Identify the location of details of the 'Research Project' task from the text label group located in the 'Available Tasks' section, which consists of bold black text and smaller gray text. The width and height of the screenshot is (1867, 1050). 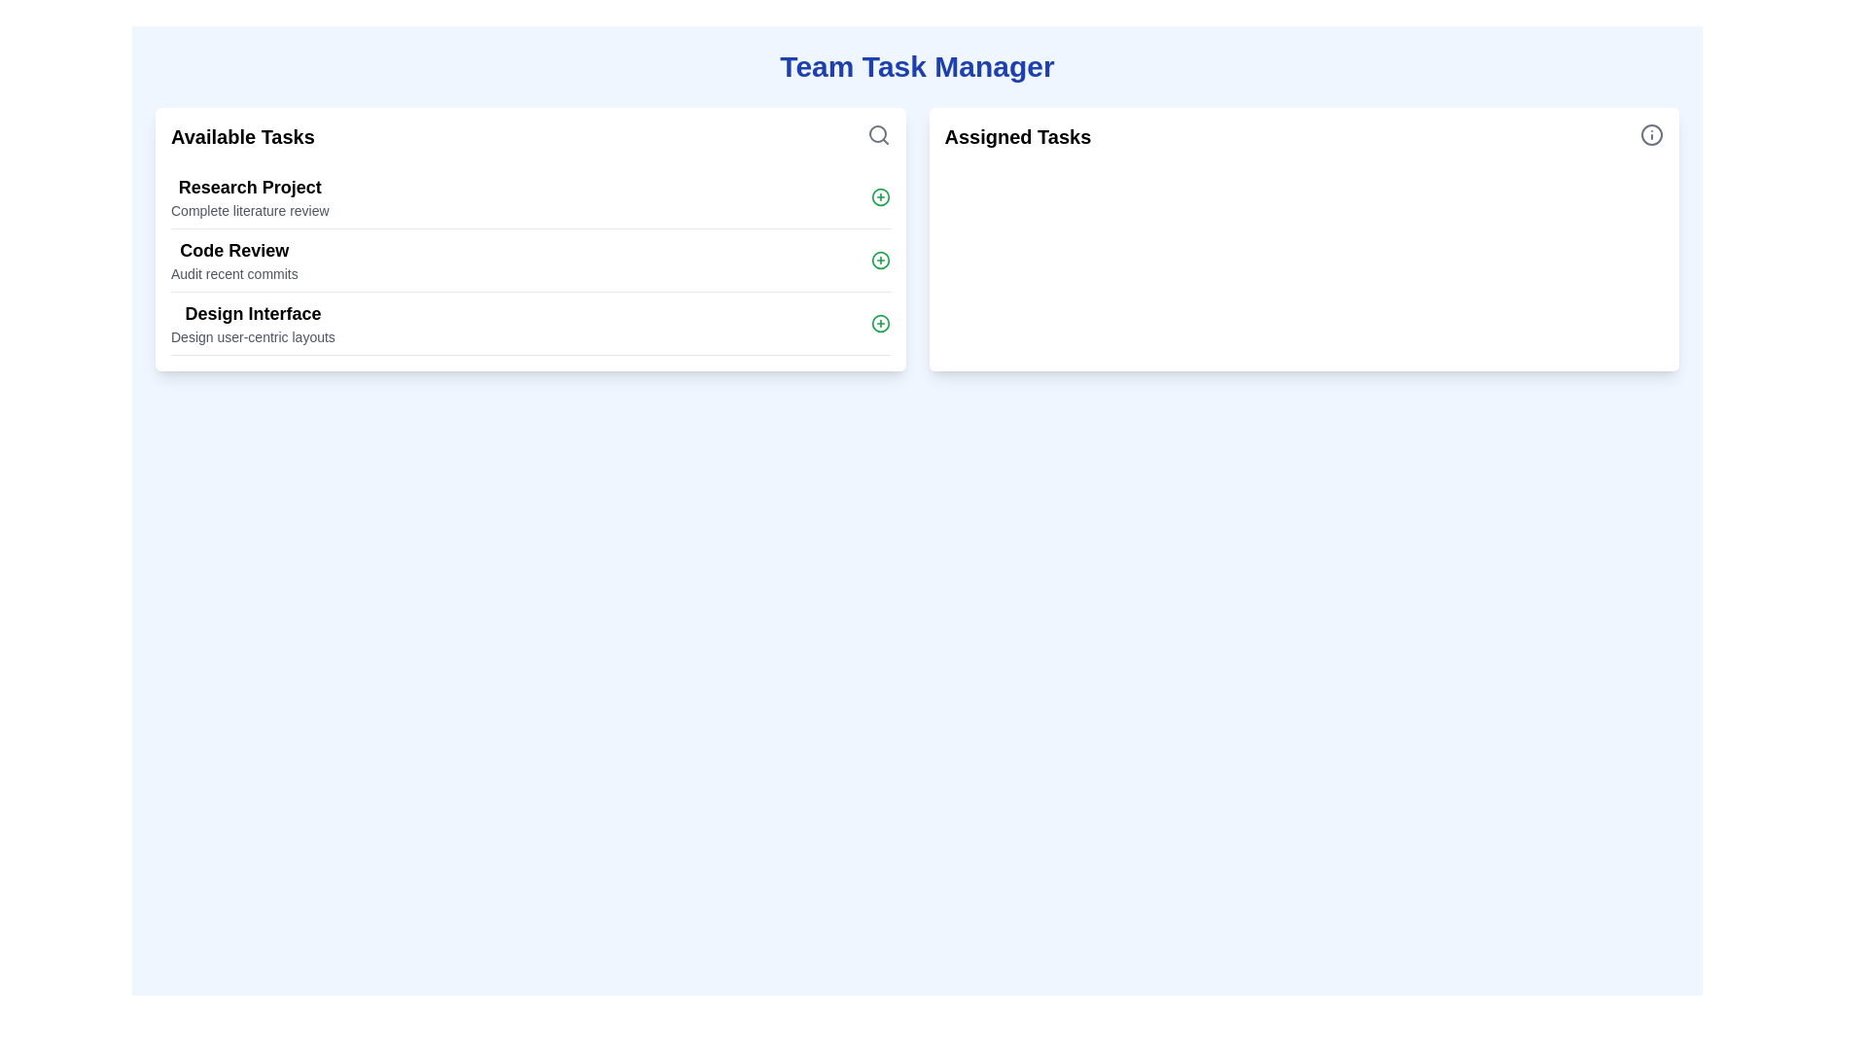
(249, 197).